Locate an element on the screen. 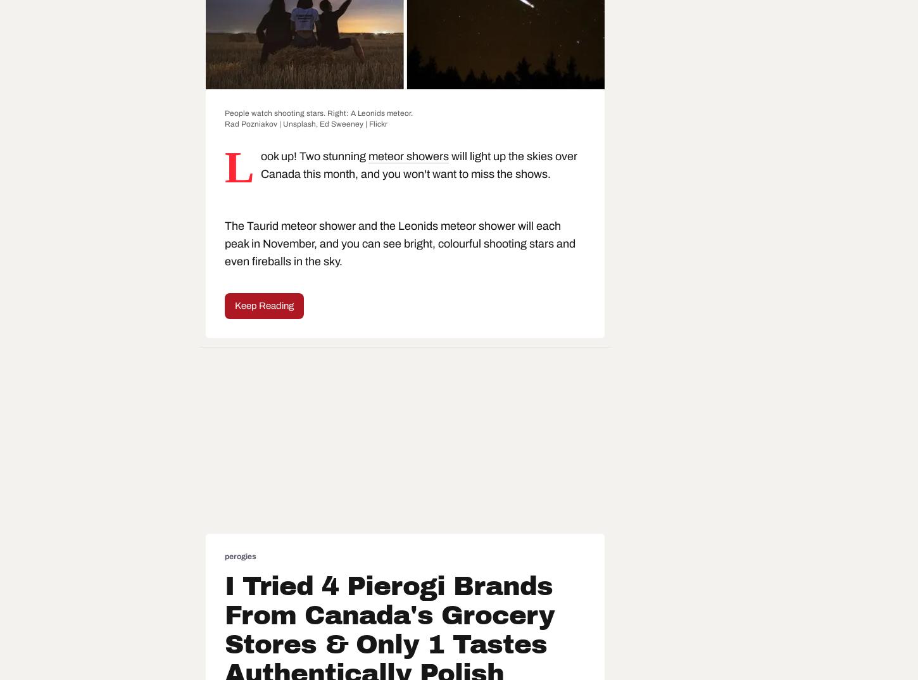 This screenshot has height=680, width=918. 'Ed Sweeney | Flickr' is located at coordinates (353, 124).